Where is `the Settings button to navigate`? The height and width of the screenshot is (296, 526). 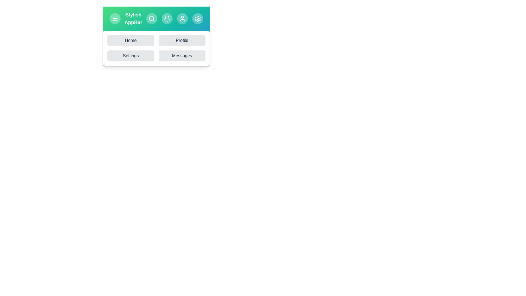 the Settings button to navigate is located at coordinates (130, 56).